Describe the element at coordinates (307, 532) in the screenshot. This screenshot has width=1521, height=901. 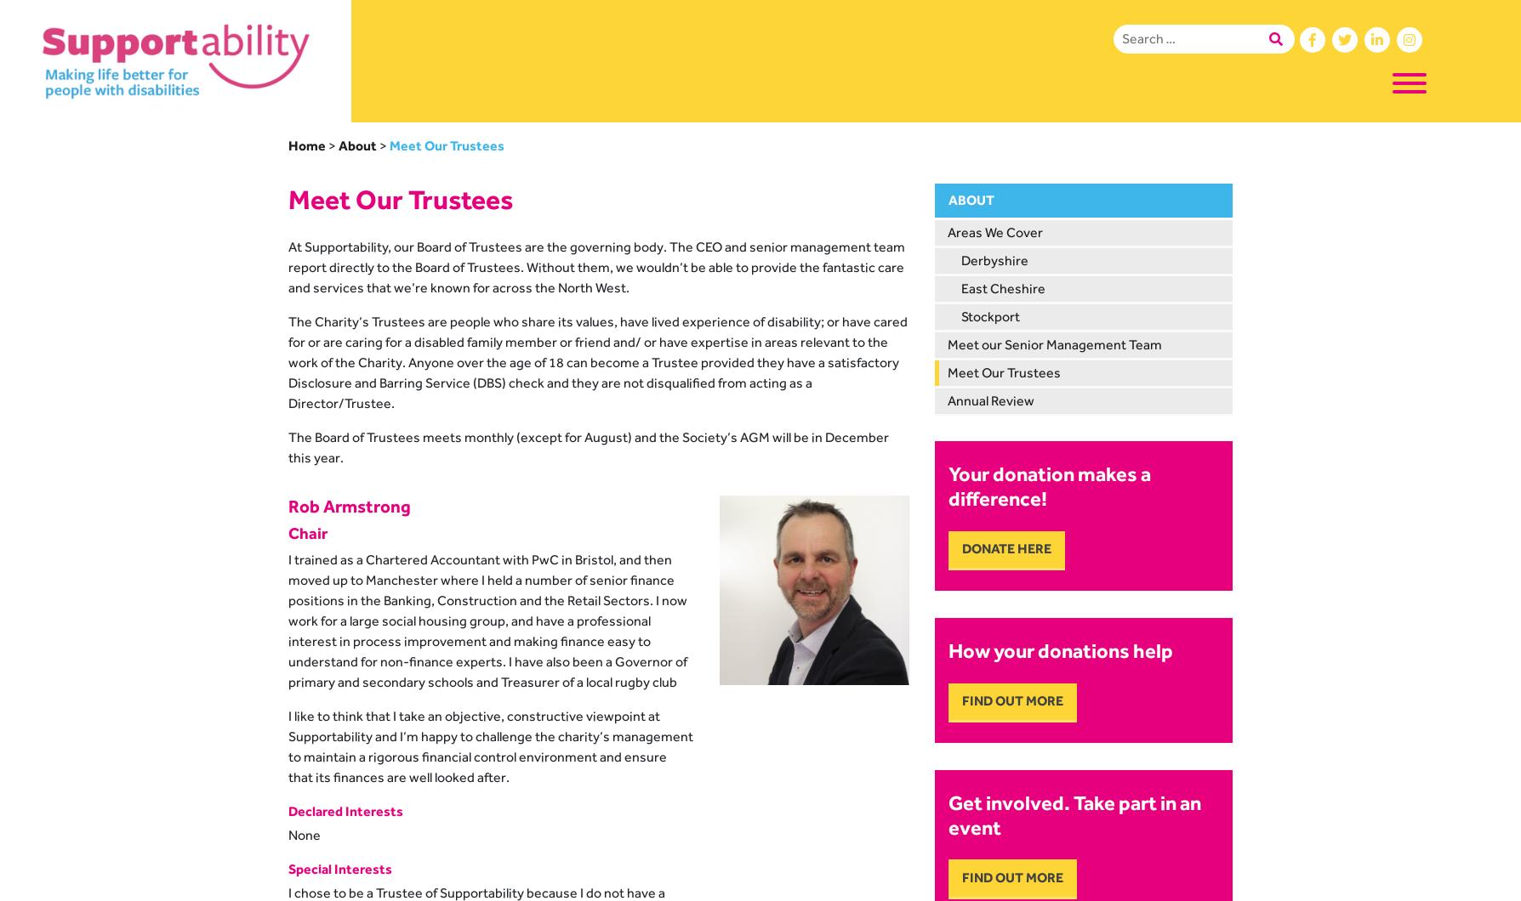
I see `'Chair'` at that location.